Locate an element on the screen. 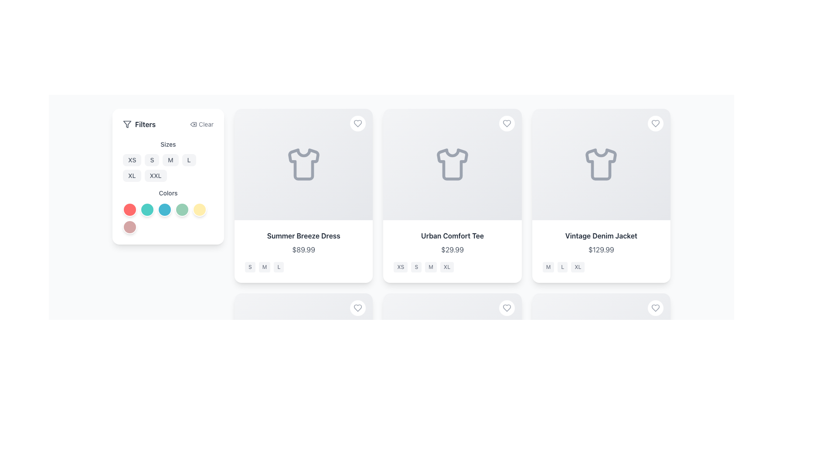 This screenshot has height=470, width=837. the favorite button located in the top-right corner of the 'Summer Breeze Dress' product card is located at coordinates (358, 124).